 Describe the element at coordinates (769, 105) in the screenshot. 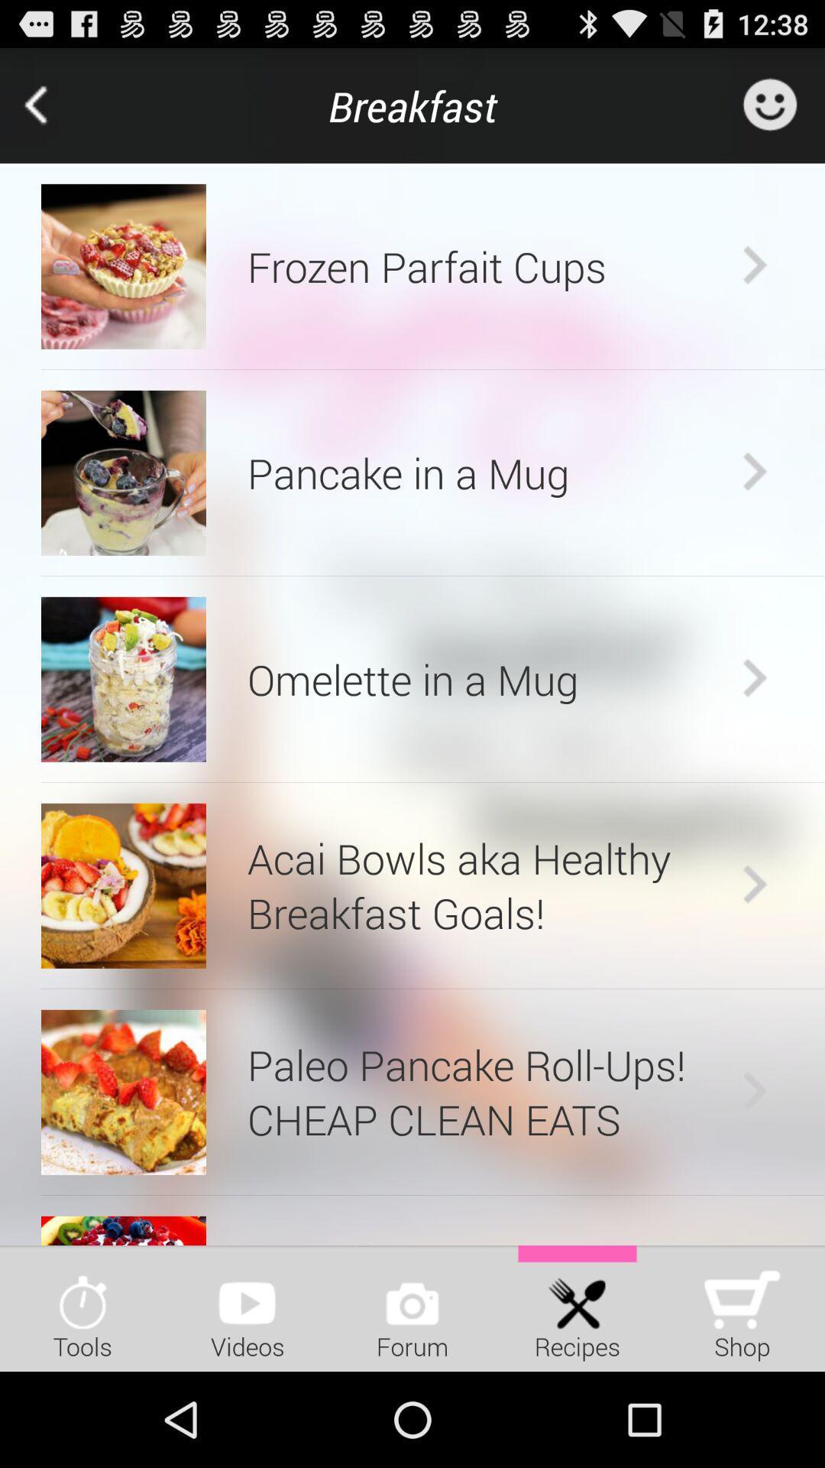

I see `the app to the right of breakfast` at that location.